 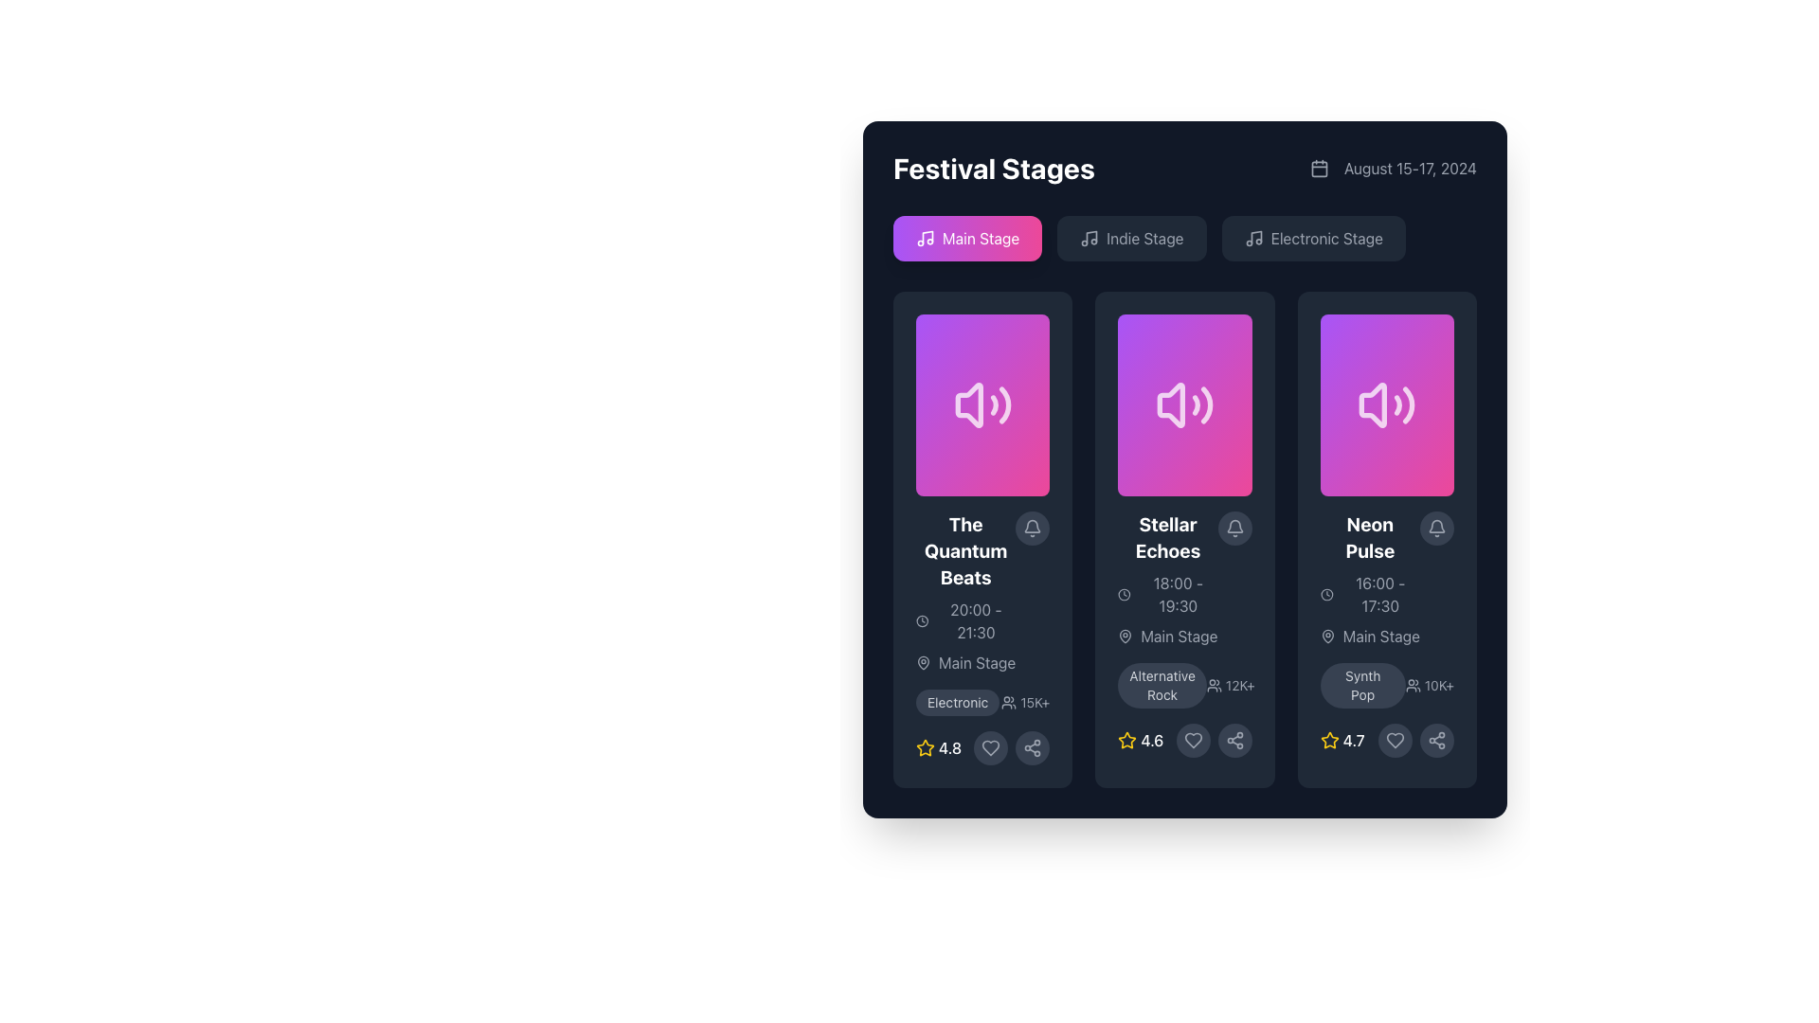 What do you see at coordinates (990, 747) in the screenshot?
I see `the heart icon button located at the bottom-right section of the card to potentially view a tooltip or trigger a visual effect` at bounding box center [990, 747].